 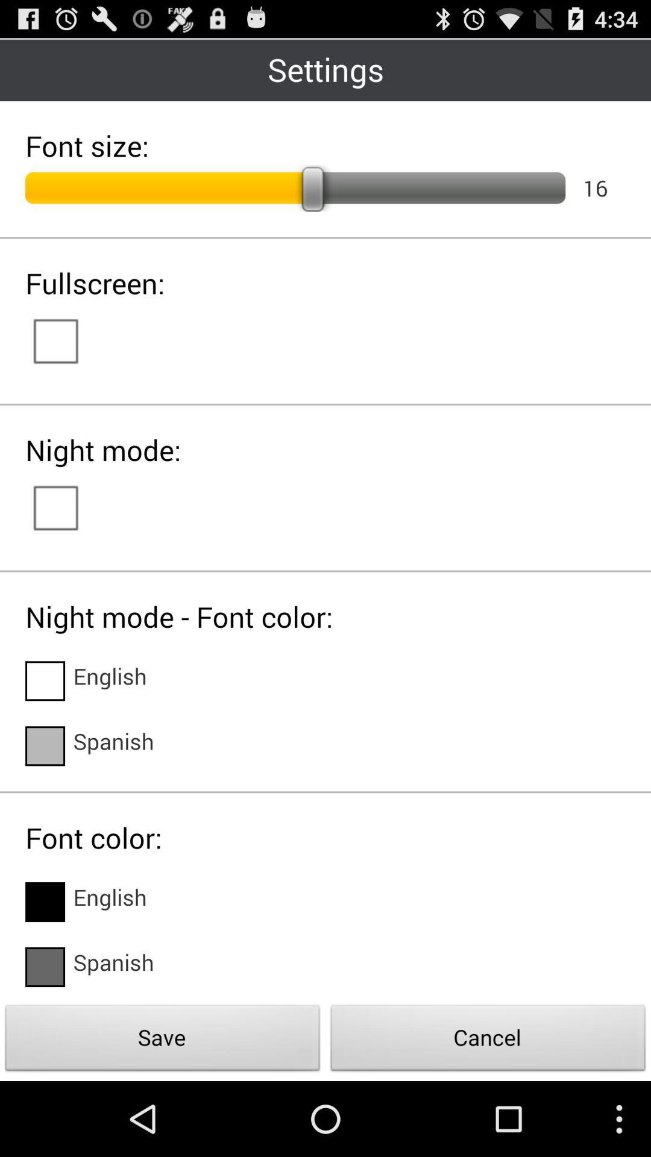 What do you see at coordinates (488, 1041) in the screenshot?
I see `the cancel item` at bounding box center [488, 1041].